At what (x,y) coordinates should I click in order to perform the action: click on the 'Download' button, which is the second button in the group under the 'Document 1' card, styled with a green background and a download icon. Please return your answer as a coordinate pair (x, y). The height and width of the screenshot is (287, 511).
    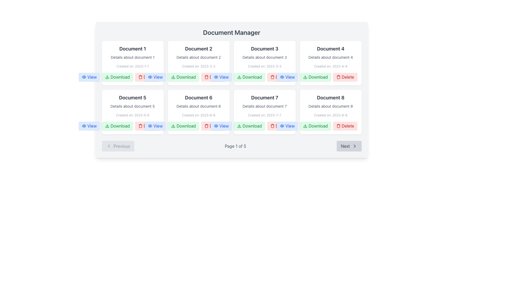
    Looking at the image, I should click on (117, 77).